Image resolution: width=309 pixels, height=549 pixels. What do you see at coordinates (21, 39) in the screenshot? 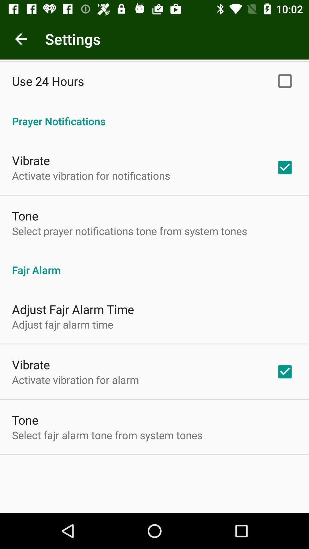
I see `the icon to the left of settings app` at bounding box center [21, 39].